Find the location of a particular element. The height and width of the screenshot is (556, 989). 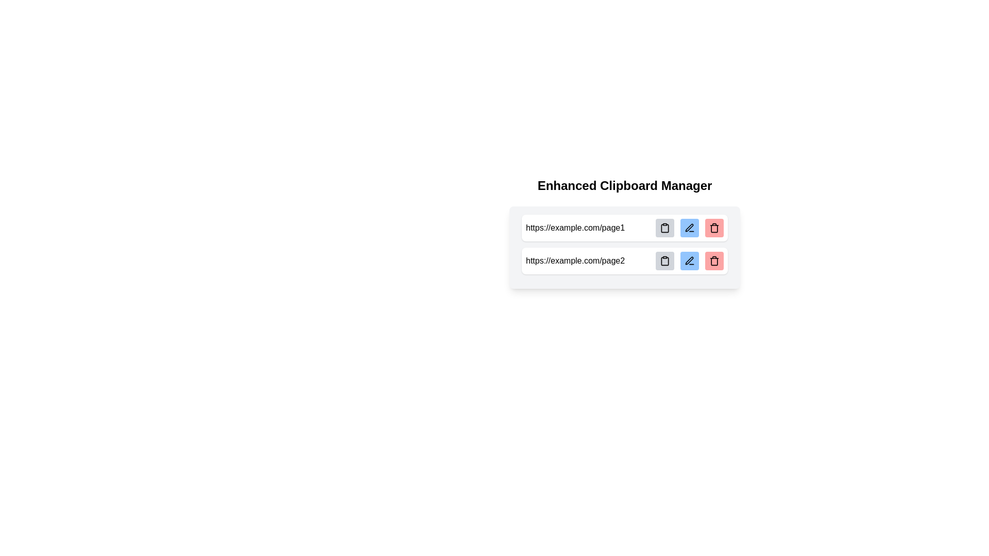

the edit button, which is the second clickable icon next to the clipboard icon in the first row of controls is located at coordinates (690, 260).